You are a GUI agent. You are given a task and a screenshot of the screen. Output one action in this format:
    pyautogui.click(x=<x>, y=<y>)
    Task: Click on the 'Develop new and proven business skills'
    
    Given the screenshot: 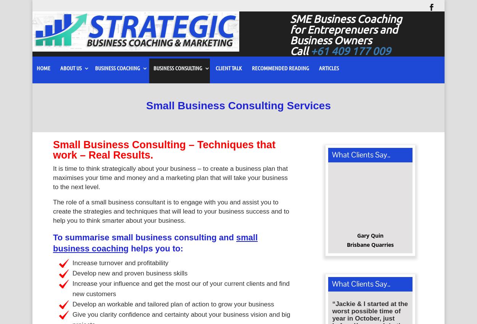 What is the action you would take?
    pyautogui.click(x=129, y=275)
    